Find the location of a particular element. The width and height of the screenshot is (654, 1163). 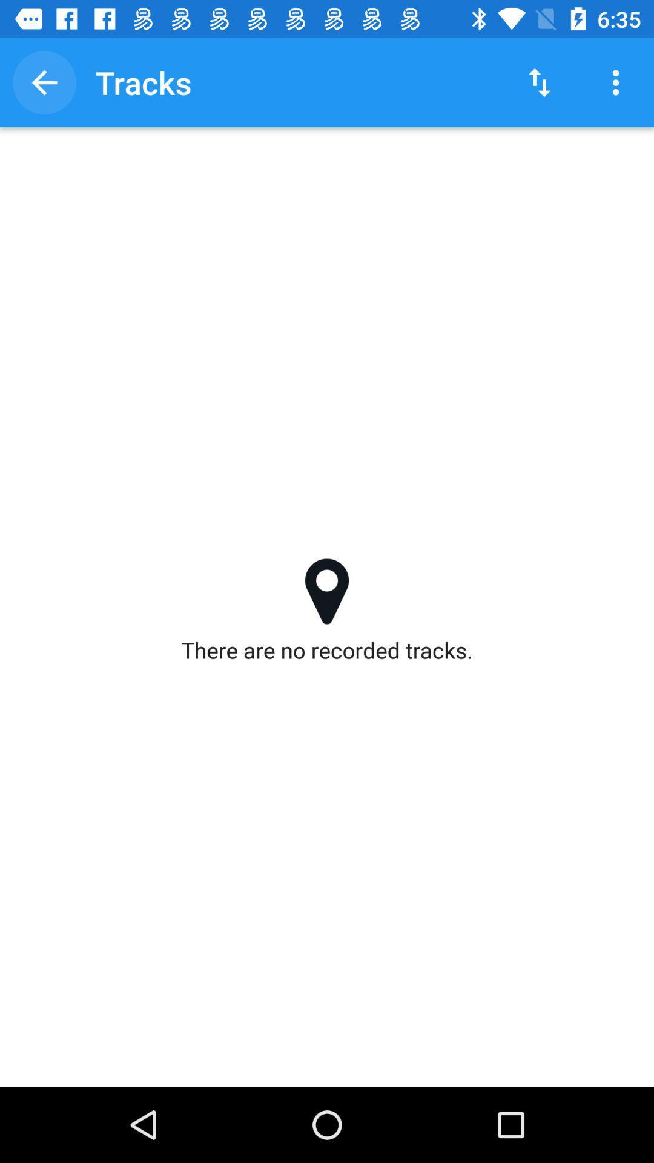

the item to the right of tracks app is located at coordinates (539, 82).